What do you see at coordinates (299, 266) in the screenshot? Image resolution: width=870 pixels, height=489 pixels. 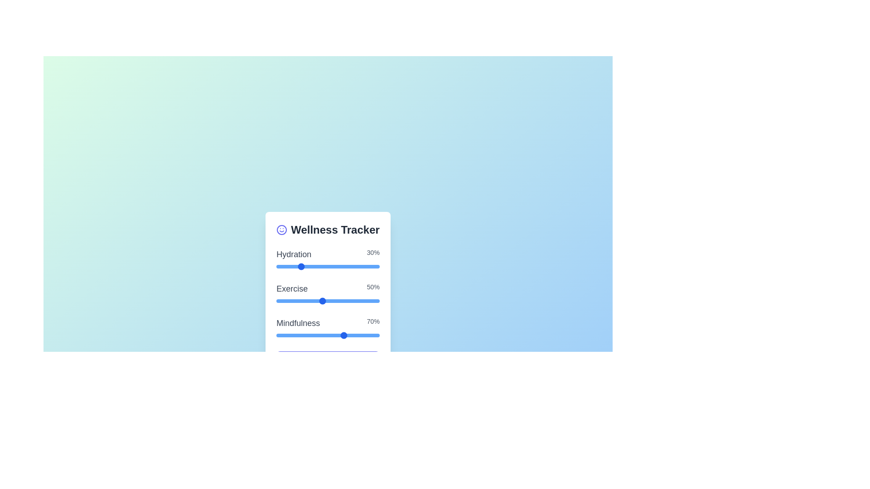 I see `the 'Hydration' slider to set its value to 3` at bounding box center [299, 266].